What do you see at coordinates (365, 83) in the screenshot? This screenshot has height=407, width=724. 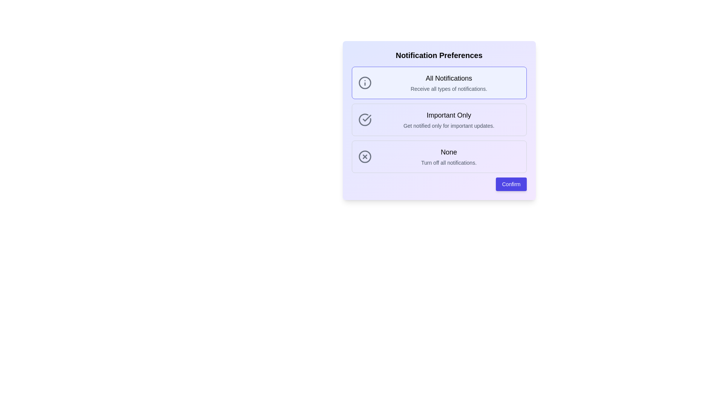 I see `the circular gray icon with an 'i' inside, located at the leftmost edge of the card titled 'All Notifications'` at bounding box center [365, 83].